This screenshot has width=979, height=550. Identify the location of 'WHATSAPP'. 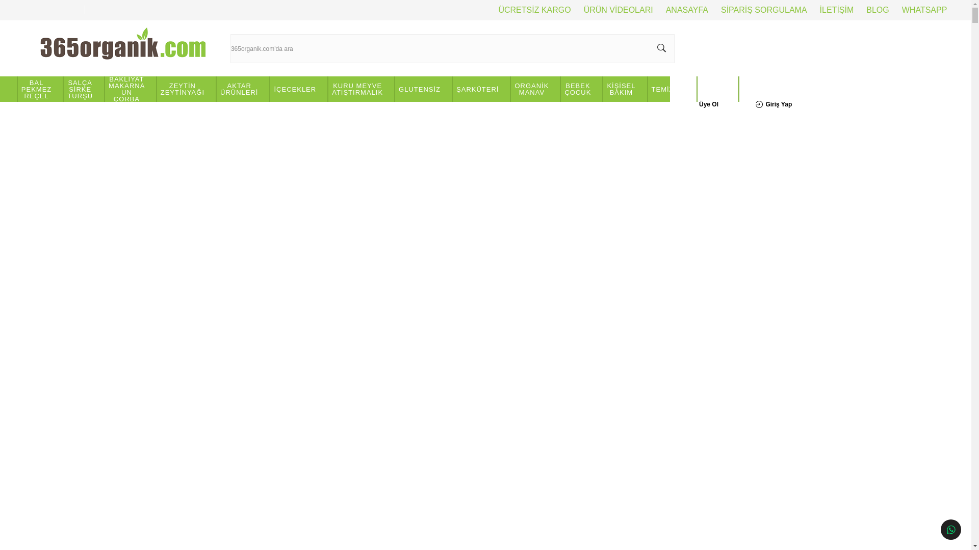
(918, 10).